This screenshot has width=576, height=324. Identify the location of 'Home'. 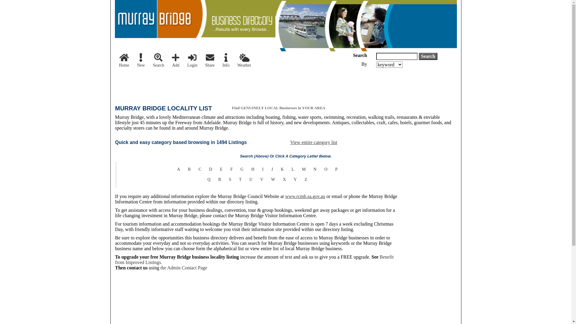
(124, 61).